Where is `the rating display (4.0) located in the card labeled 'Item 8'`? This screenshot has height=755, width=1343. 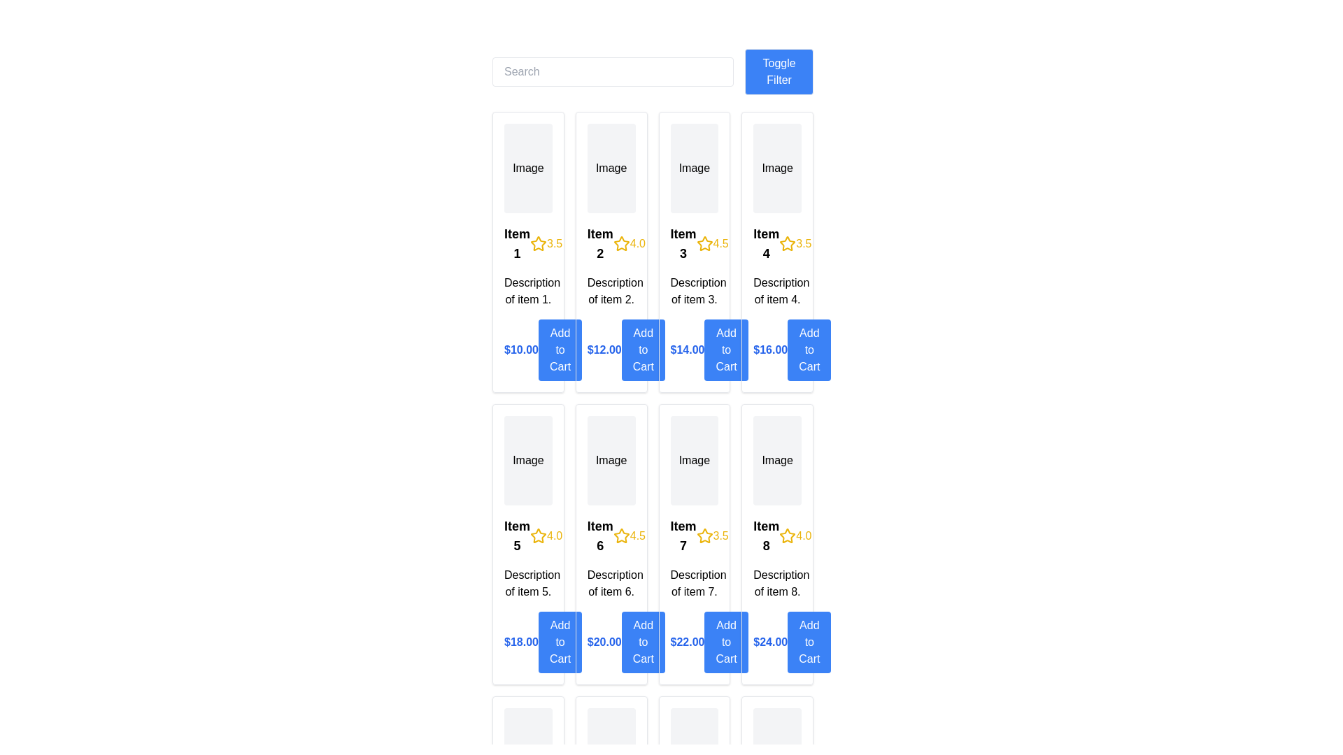
the rating display (4.0) located in the card labeled 'Item 8' is located at coordinates (795, 535).